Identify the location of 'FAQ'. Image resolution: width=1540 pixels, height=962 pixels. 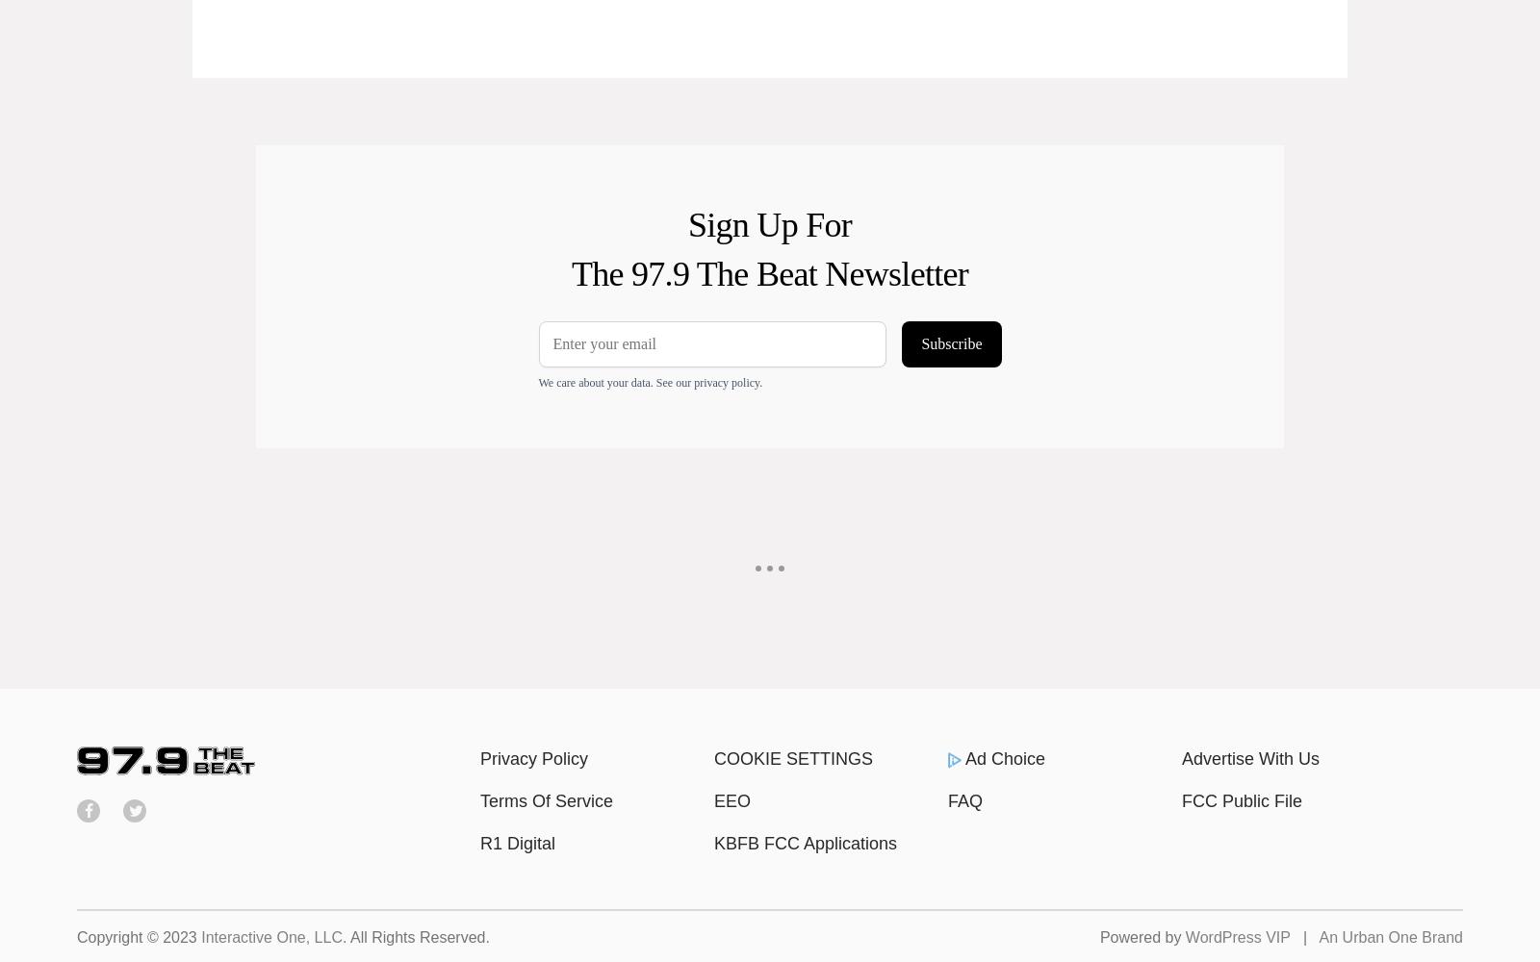
(965, 800).